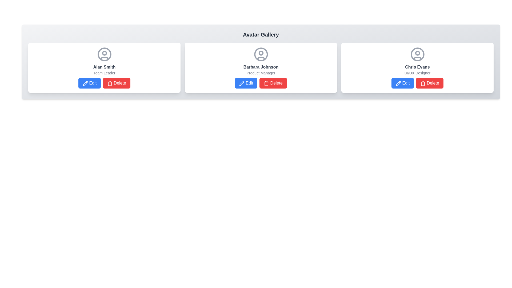 Image resolution: width=512 pixels, height=288 pixels. I want to click on the circular graphical element representing the user's profile picture for 'Barbara Johnson' within the avatar card, so click(261, 53).